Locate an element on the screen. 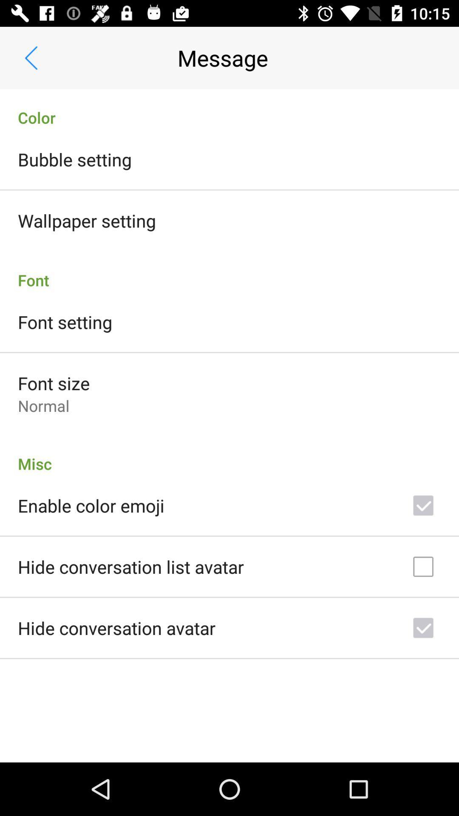 This screenshot has width=459, height=816. the item above the misc item is located at coordinates (43, 405).